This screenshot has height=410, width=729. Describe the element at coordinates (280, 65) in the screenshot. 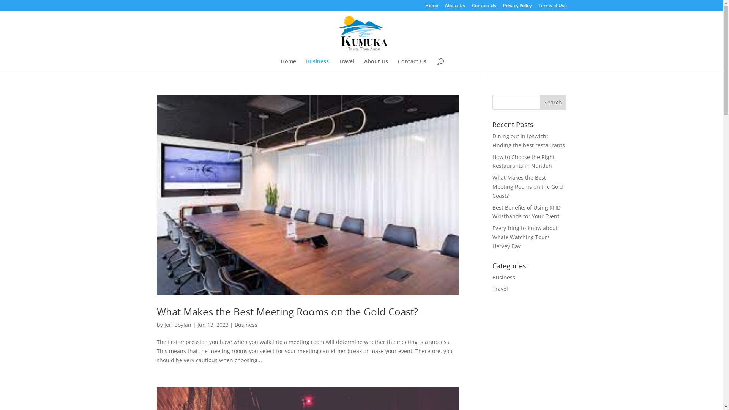

I see `'Home'` at that location.